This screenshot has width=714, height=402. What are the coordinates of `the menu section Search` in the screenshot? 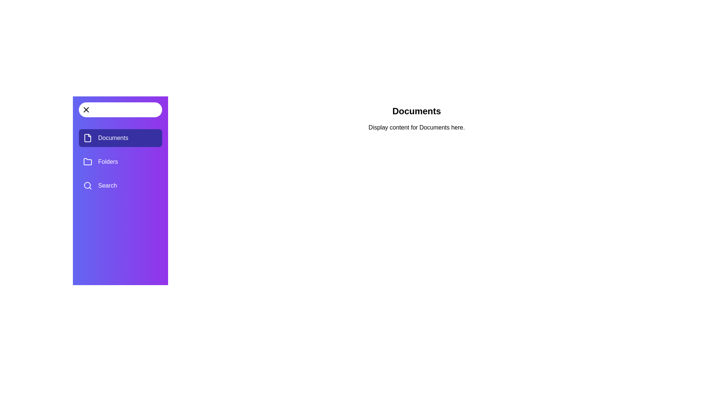 It's located at (120, 185).